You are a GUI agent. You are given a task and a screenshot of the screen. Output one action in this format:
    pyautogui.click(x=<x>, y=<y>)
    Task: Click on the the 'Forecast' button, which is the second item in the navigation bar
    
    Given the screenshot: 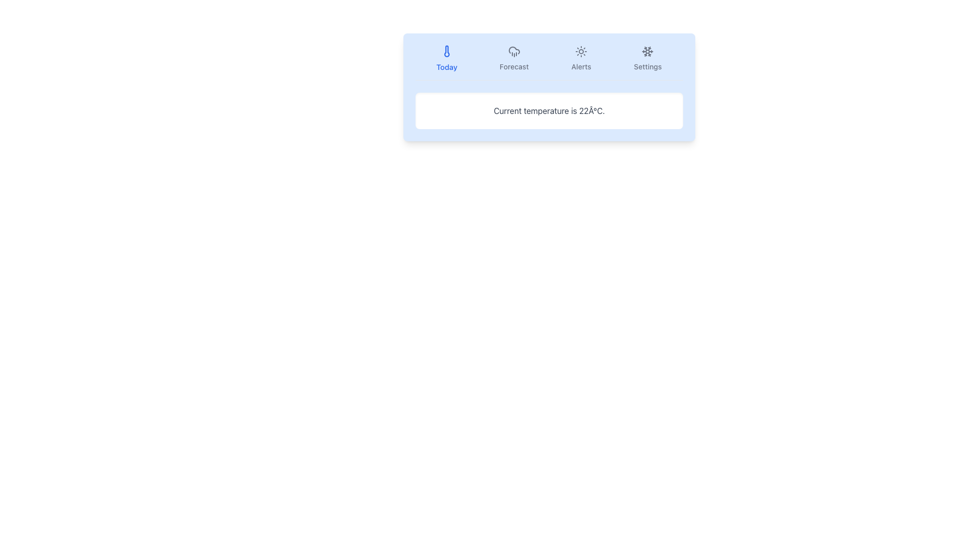 What is the action you would take?
    pyautogui.click(x=514, y=58)
    